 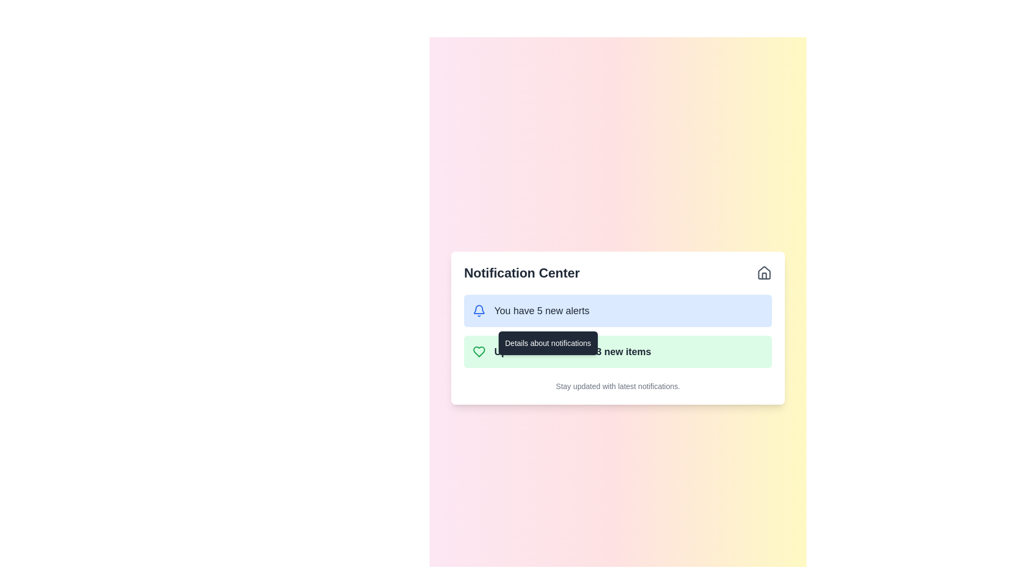 I want to click on the text label displaying 'Updated wishlist with 3 new items', which is styled in a large semibold gray font within a light green notification card, so click(x=572, y=351).